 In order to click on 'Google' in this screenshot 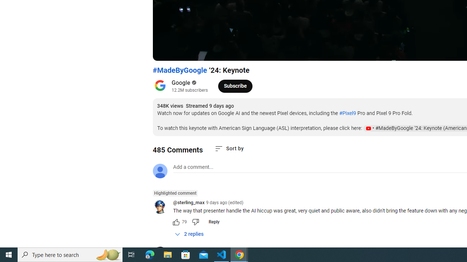, I will do `click(181, 82)`.